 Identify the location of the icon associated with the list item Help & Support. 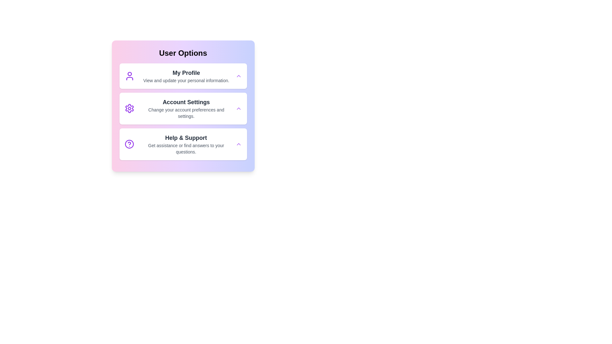
(129, 144).